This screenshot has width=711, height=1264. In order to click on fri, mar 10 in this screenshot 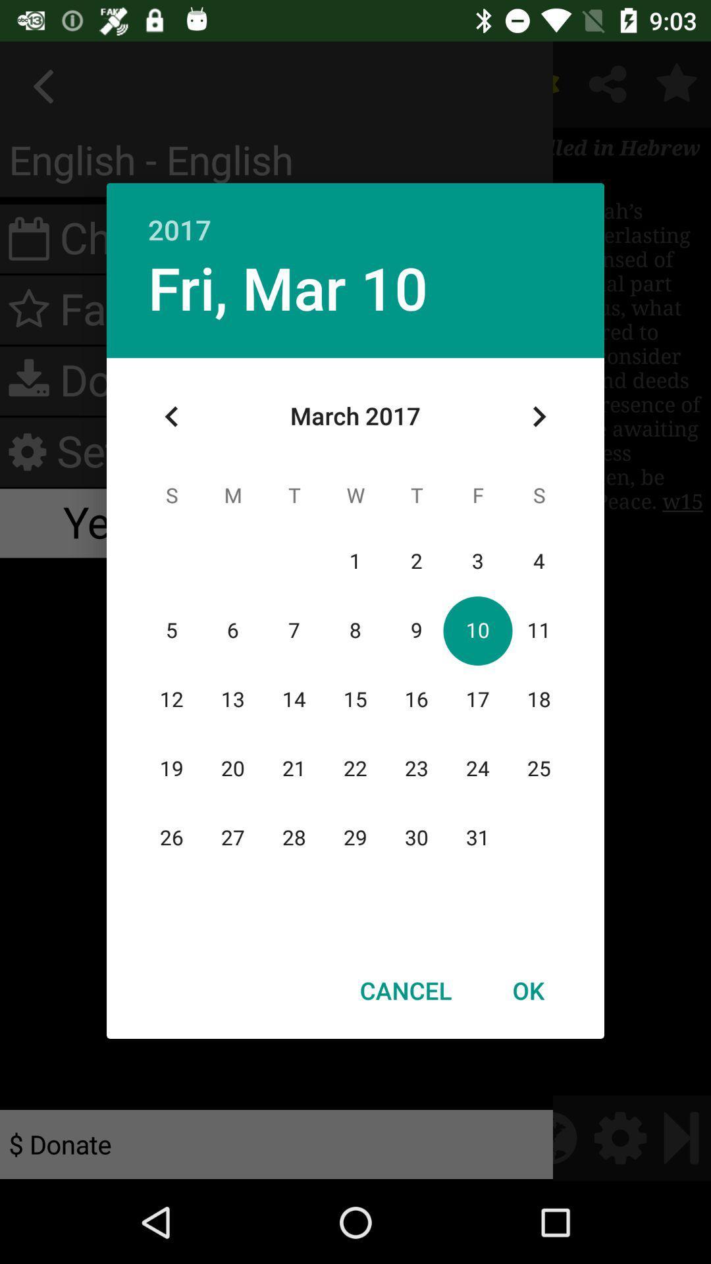, I will do `click(287, 286)`.